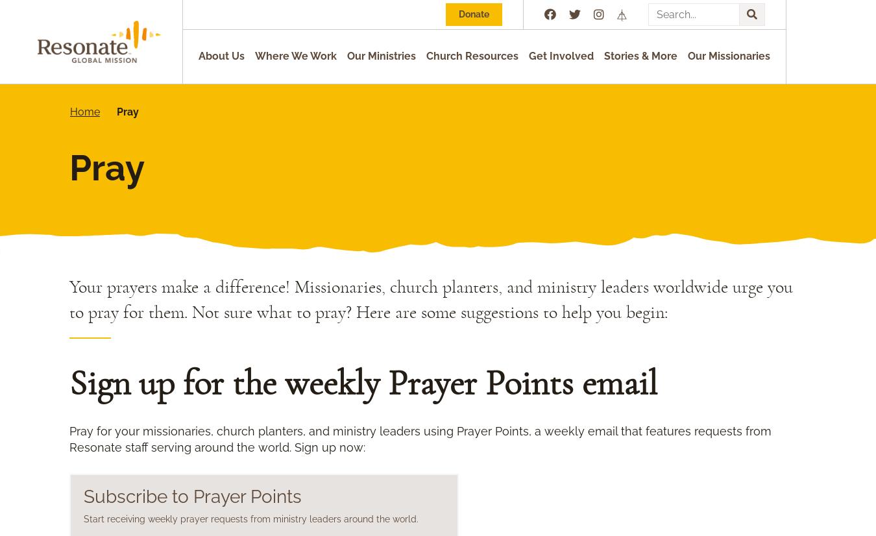  What do you see at coordinates (69, 348) in the screenshot?
I see `'Pray for the worldwide church and its mission:'` at bounding box center [69, 348].